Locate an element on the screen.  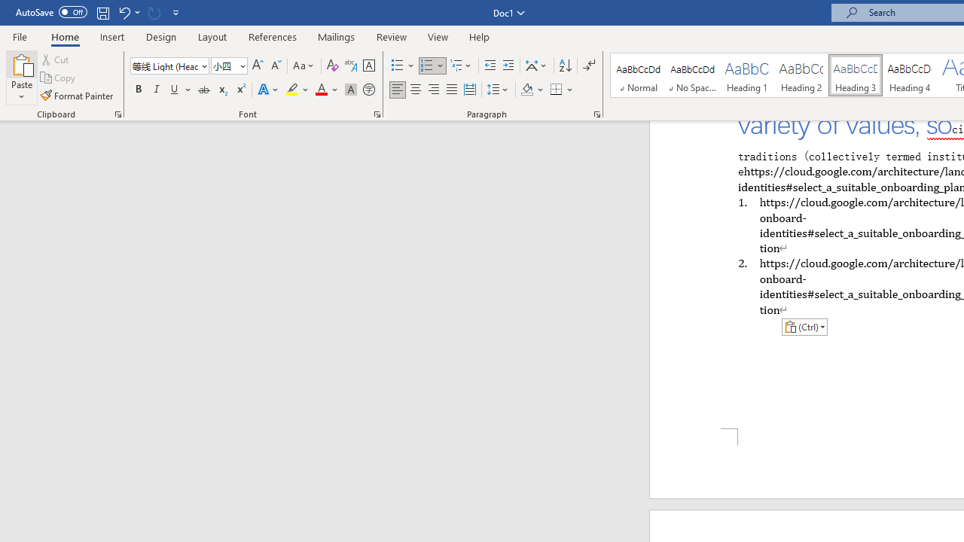
'Phonetic Guide...' is located at coordinates (349, 65).